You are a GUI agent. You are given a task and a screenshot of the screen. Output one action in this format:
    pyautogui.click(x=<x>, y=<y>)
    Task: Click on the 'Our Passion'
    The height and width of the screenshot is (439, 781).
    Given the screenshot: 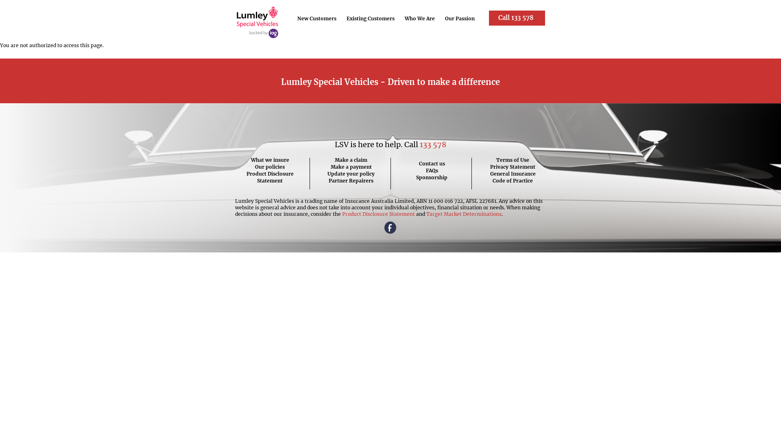 What is the action you would take?
    pyautogui.click(x=460, y=18)
    